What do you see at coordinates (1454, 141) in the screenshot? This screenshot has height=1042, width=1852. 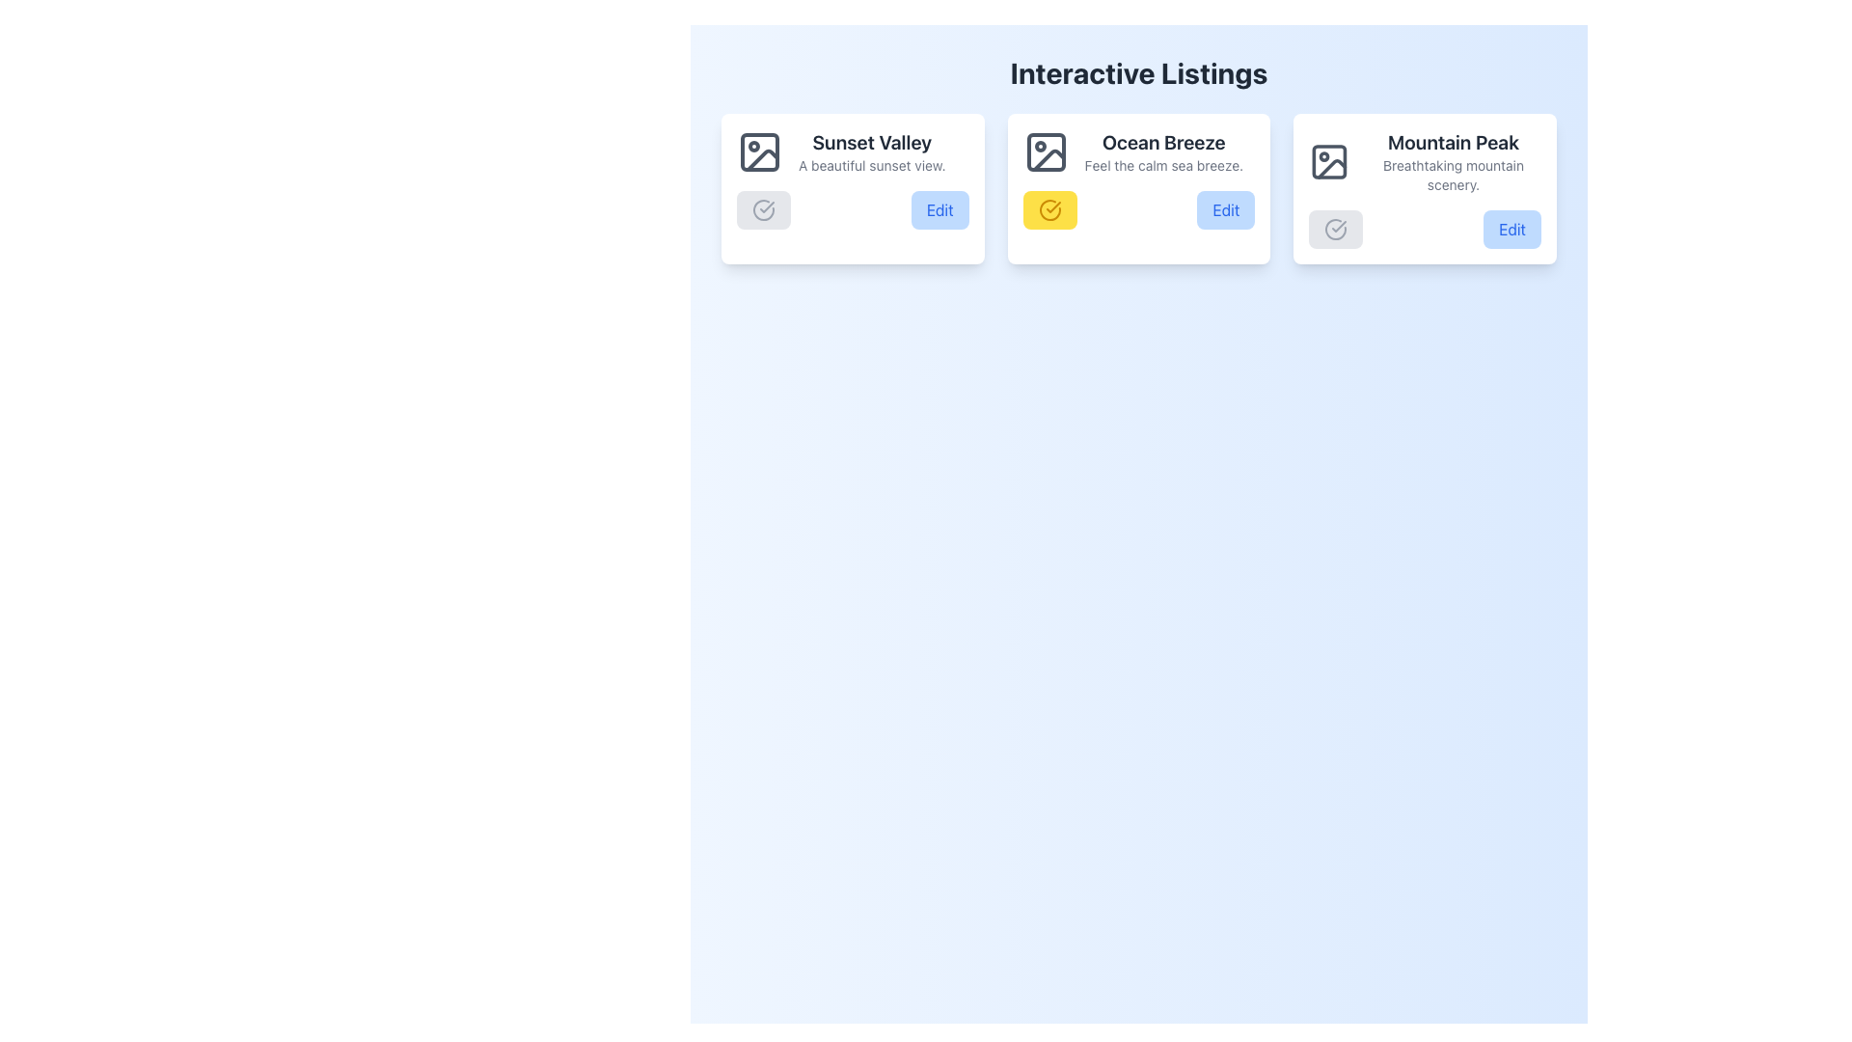 I see `the Text Label that serves as the title for the card labeled 'Mountain Peak', located in the top-right corner above the description text` at bounding box center [1454, 141].